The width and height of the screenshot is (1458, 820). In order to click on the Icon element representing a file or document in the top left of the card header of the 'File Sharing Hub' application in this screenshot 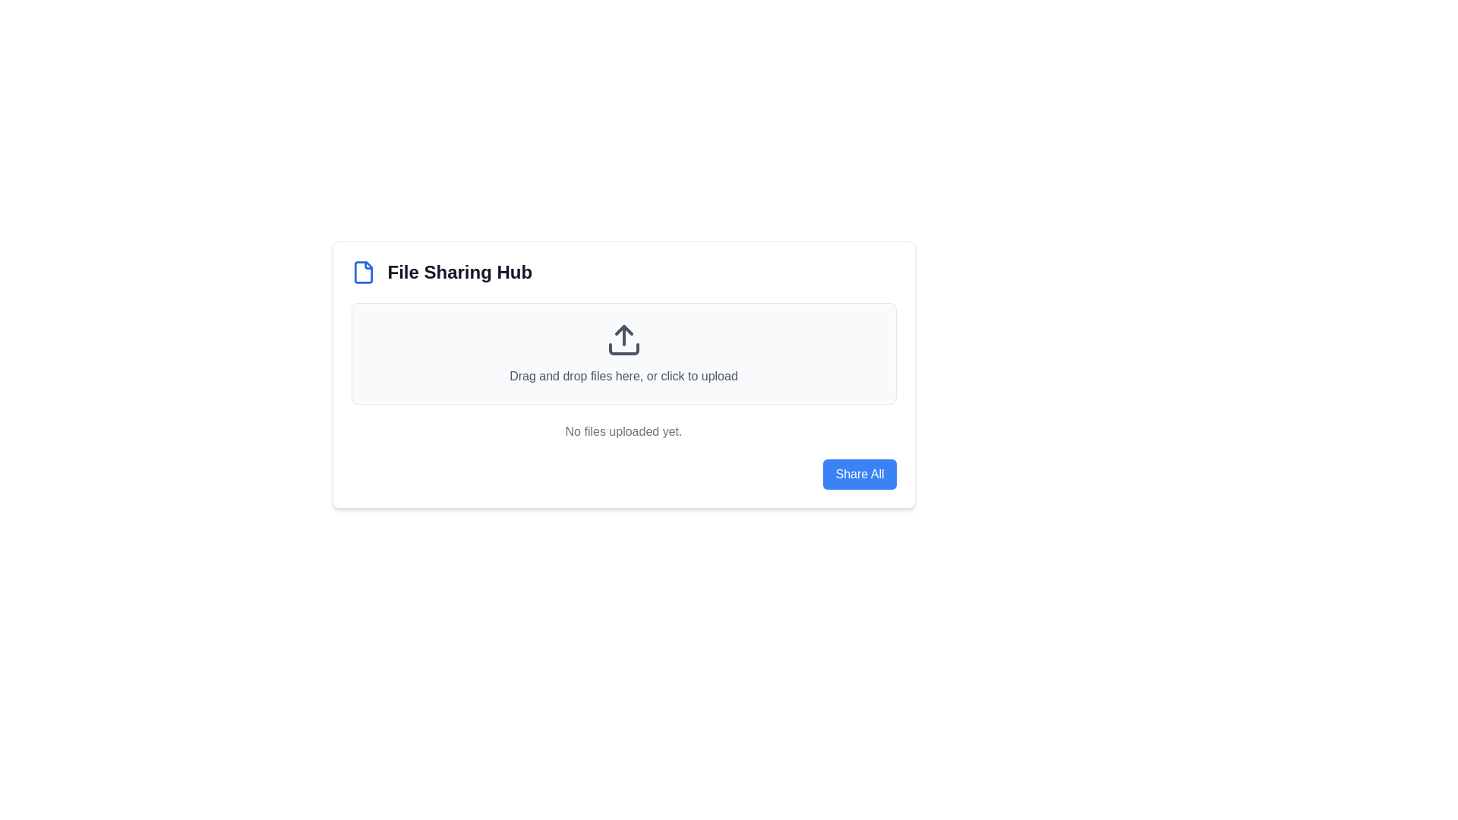, I will do `click(362, 271)`.